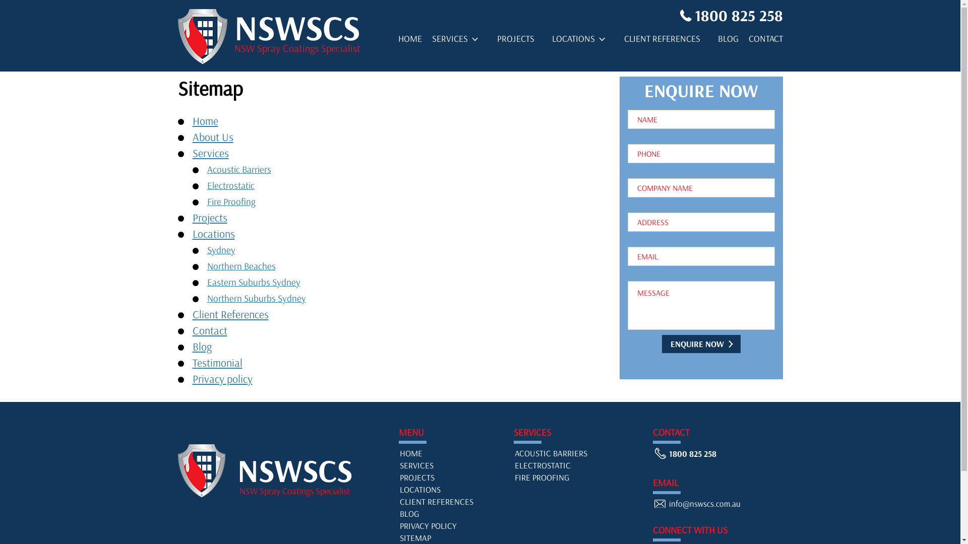  I want to click on 'ACOUSTIC BARRIERS', so click(514, 452).